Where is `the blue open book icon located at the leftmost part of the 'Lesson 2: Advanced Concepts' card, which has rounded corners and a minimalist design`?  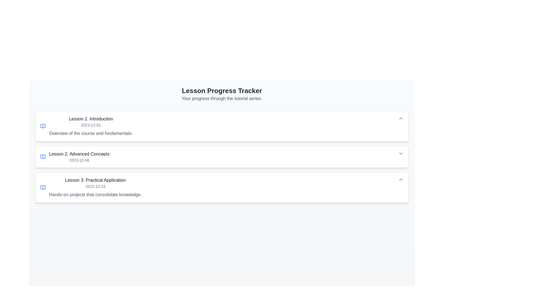
the blue open book icon located at the leftmost part of the 'Lesson 2: Advanced Concepts' card, which has rounded corners and a minimalist design is located at coordinates (42, 157).